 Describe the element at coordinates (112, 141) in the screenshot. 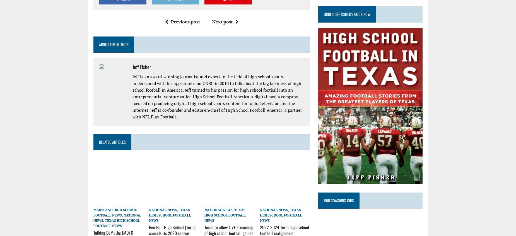

I see `'Related Articles'` at that location.